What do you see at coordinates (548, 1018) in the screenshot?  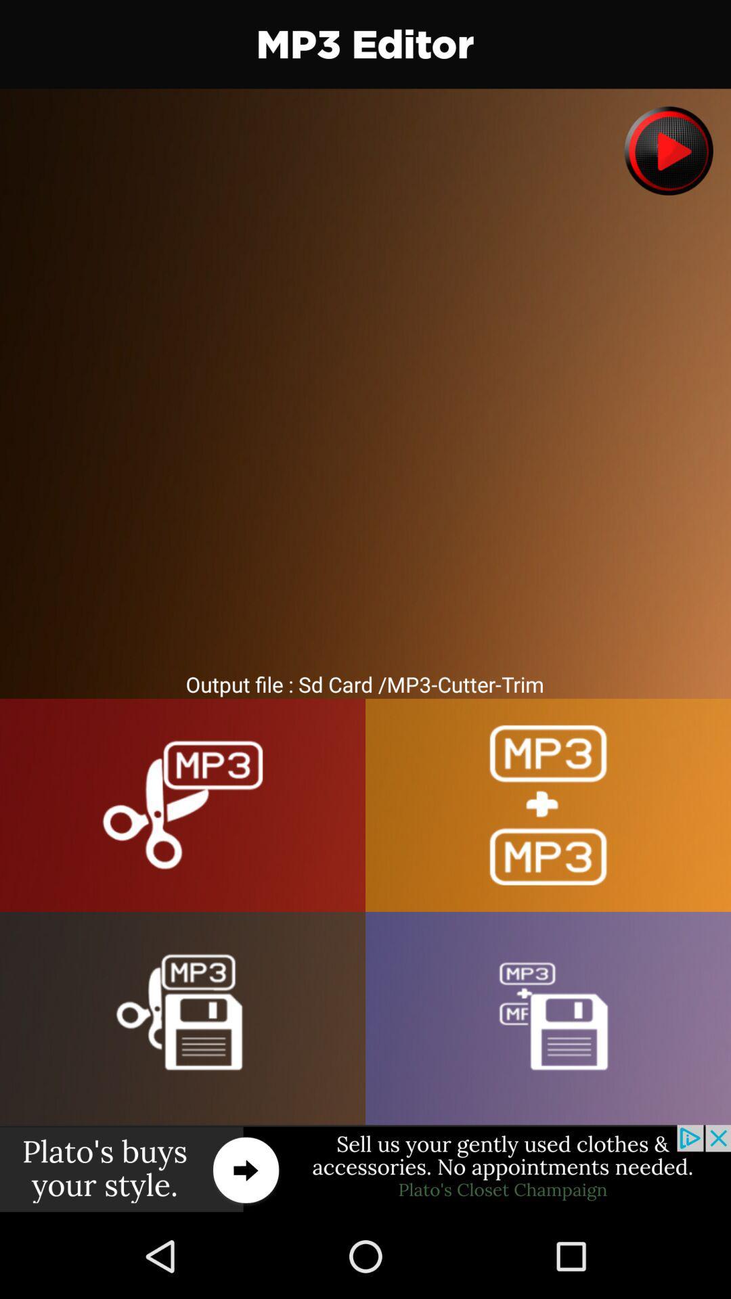 I see `choose the selection` at bounding box center [548, 1018].